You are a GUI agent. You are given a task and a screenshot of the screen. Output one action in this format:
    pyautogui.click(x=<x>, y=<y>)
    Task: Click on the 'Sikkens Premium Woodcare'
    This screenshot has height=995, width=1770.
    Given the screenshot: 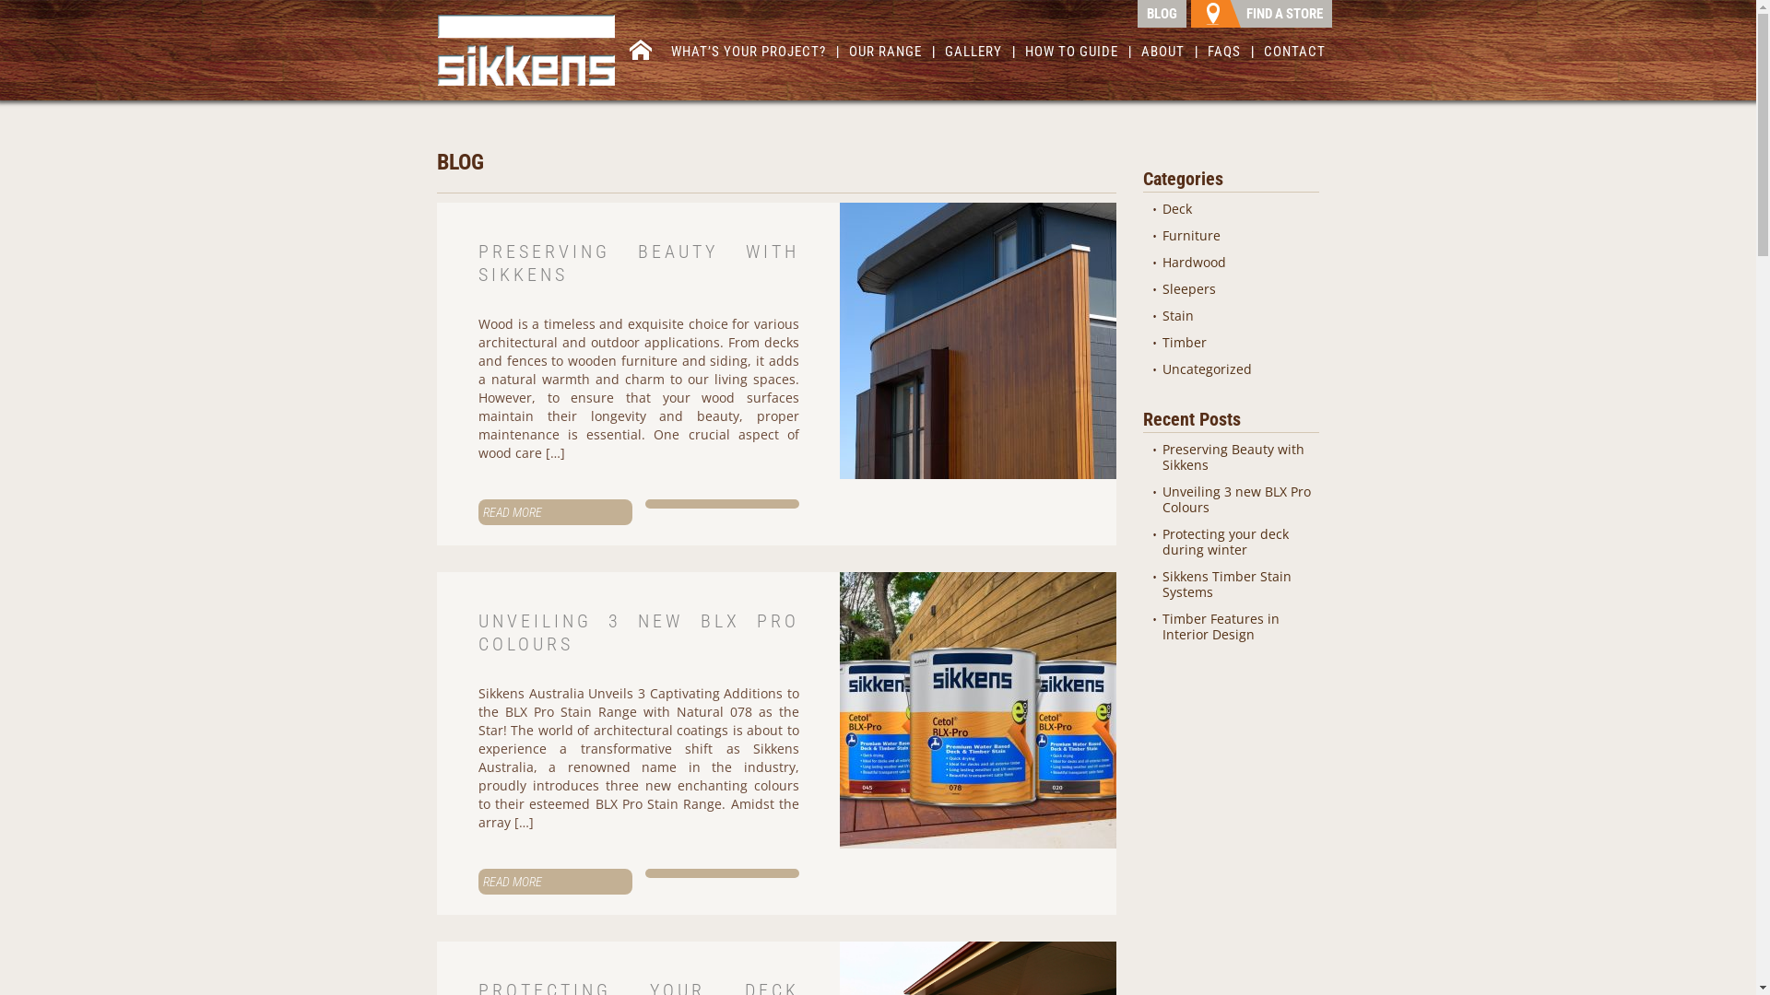 What is the action you would take?
    pyautogui.click(x=525, y=49)
    